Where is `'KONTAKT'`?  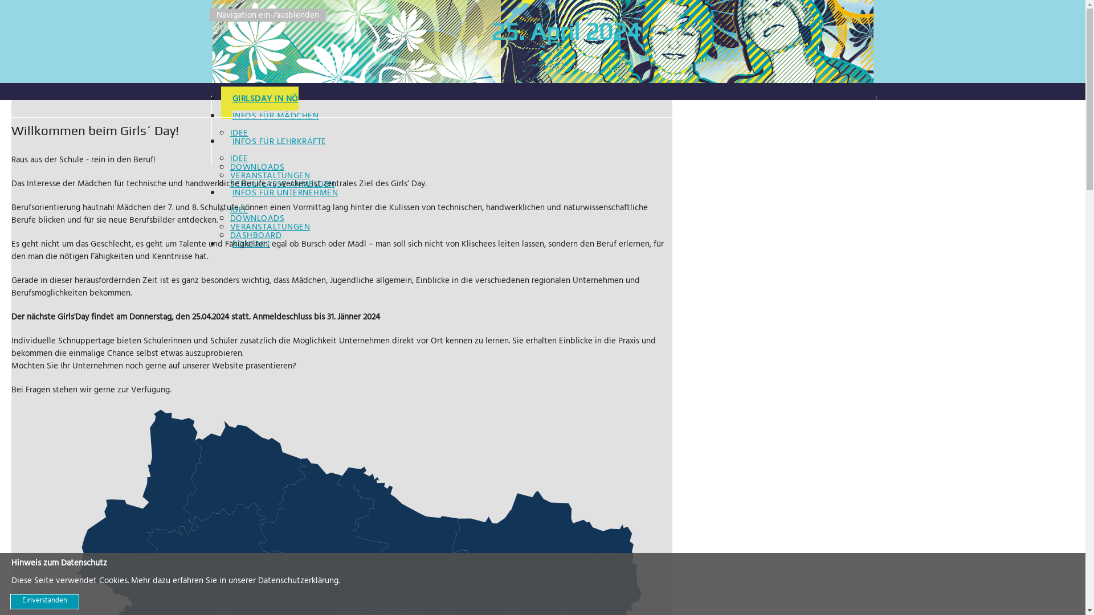 'KONTAKT' is located at coordinates (548, 247).